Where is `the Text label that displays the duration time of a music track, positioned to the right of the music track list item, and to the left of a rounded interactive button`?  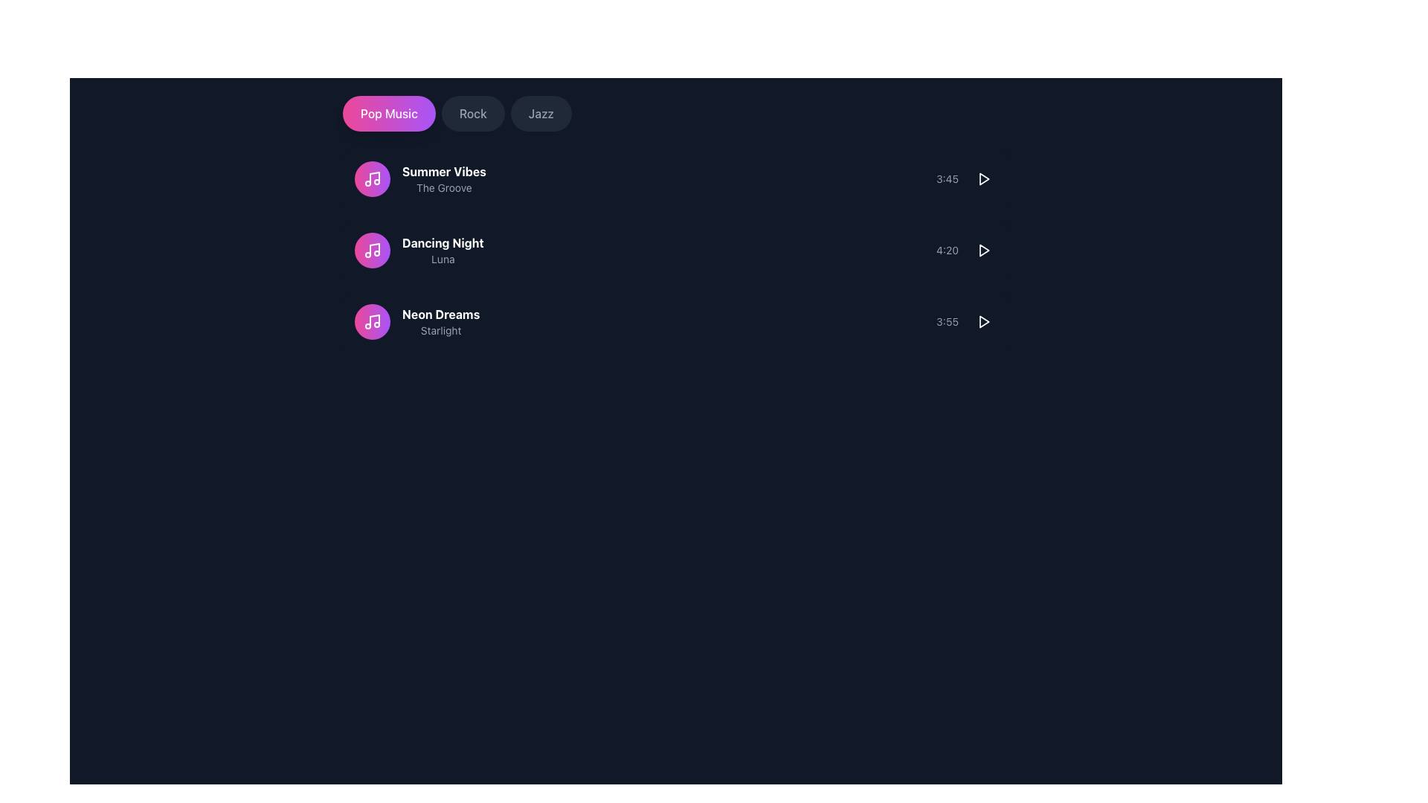
the Text label that displays the duration time of a music track, positioned to the right of the music track list item, and to the left of a rounded interactive button is located at coordinates (946, 178).